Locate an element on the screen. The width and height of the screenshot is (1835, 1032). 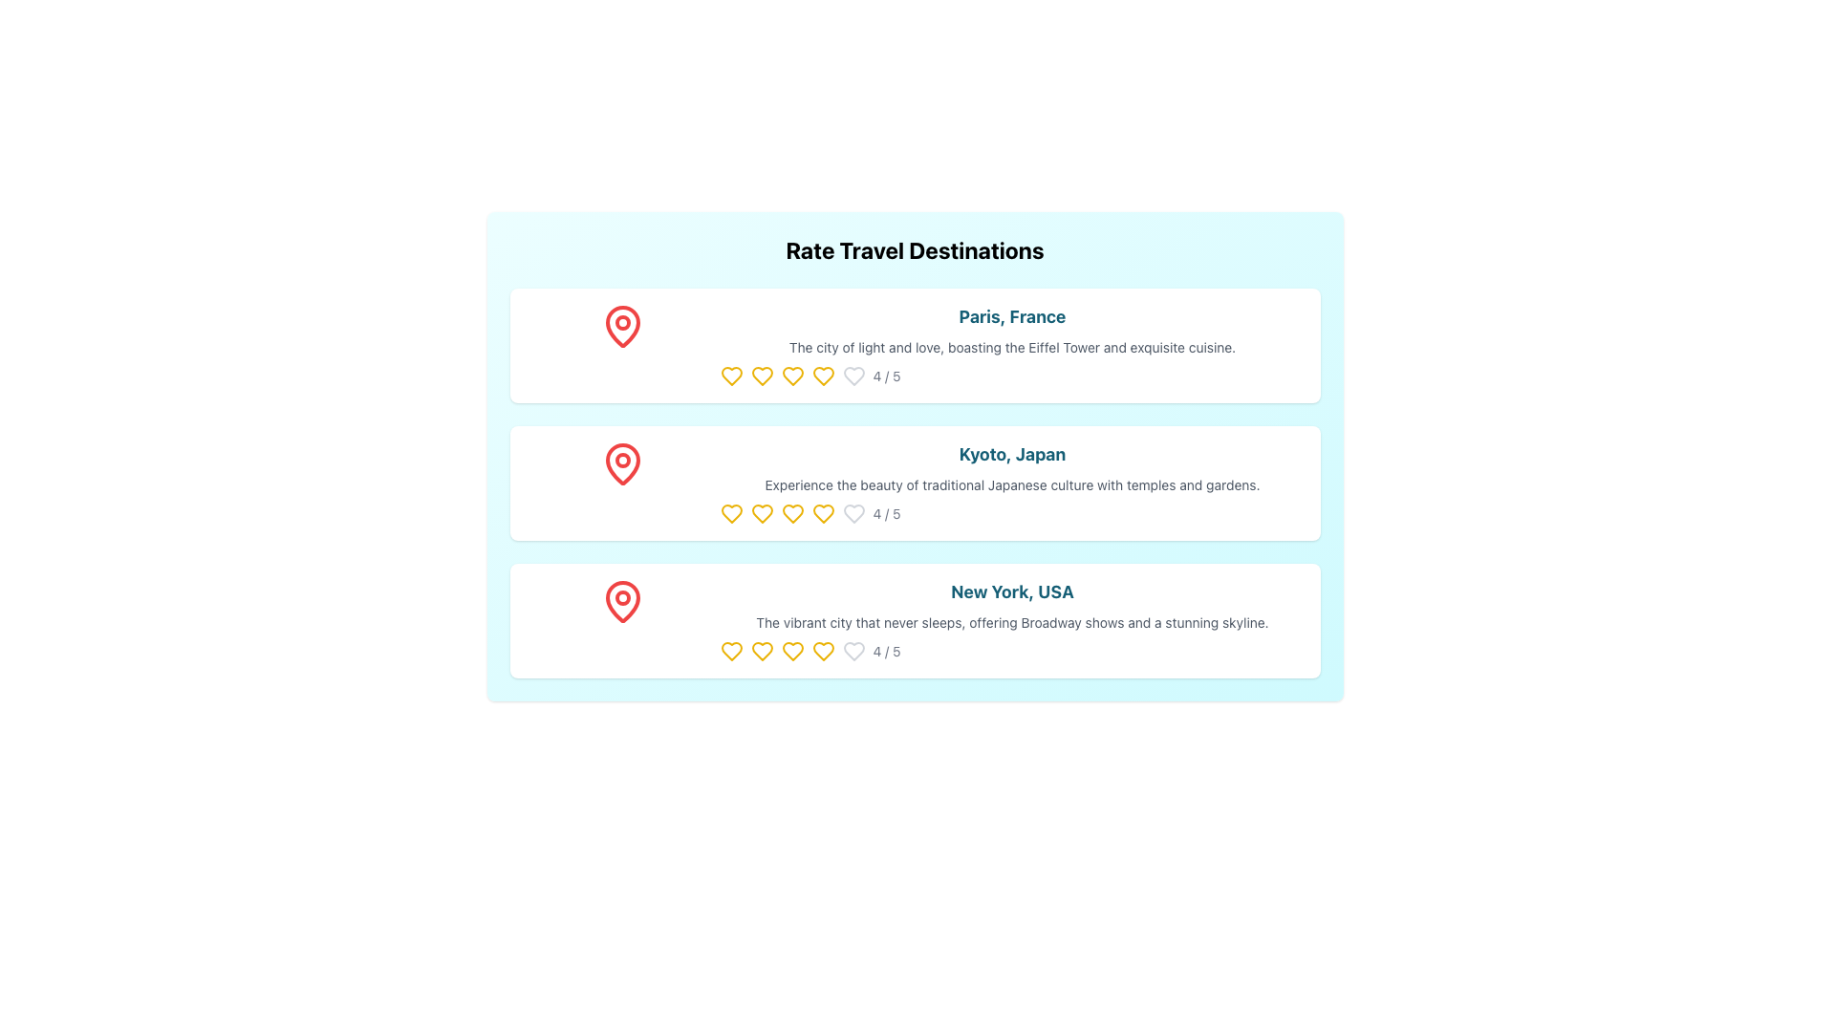
the red map pin icon located in the first card element, which symbolizes a location marker for 'Paris, France' is located at coordinates (622, 346).